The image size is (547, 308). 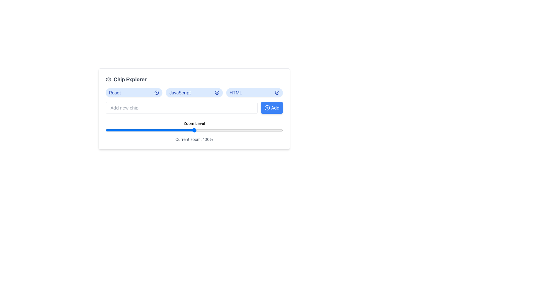 I want to click on the 'Add' button which has a blue background, white text, rounded corners, and a plus icon on the left, located towards the right end of the layout, so click(x=272, y=108).